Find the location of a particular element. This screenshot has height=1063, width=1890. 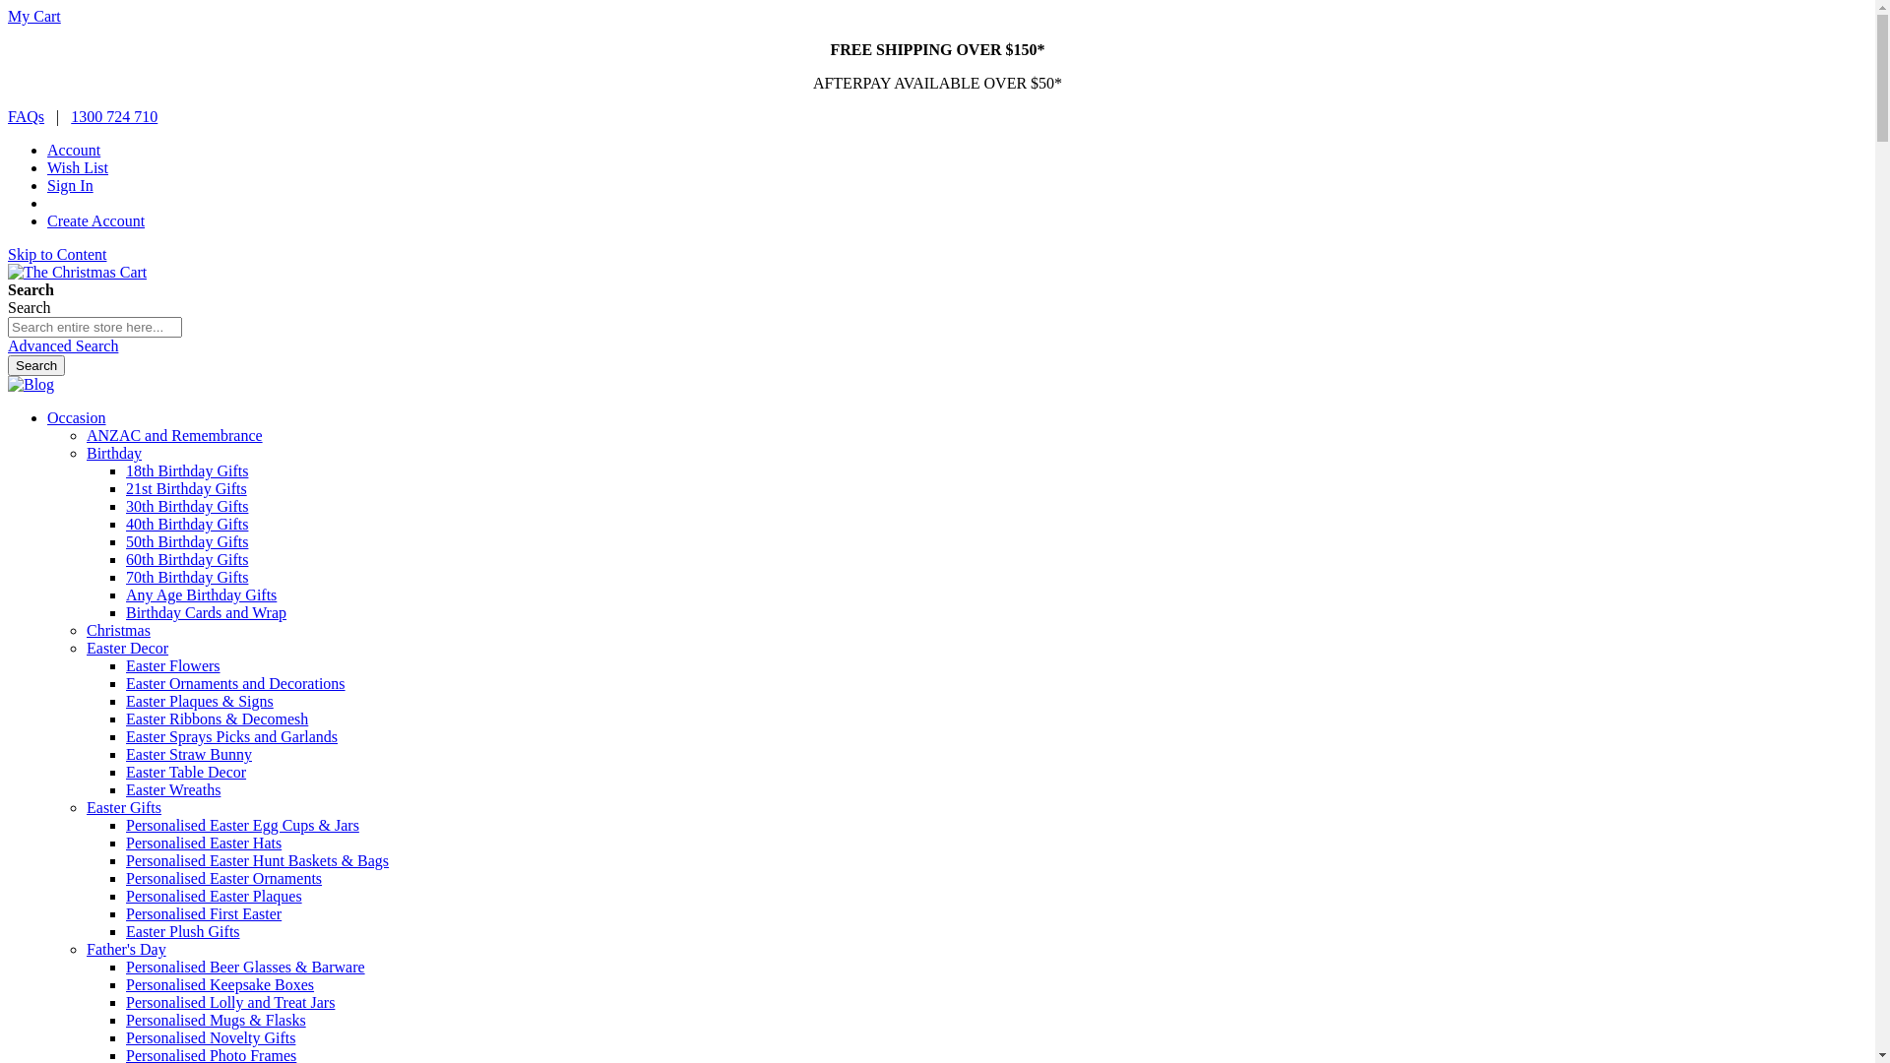

'Easter Wreaths' is located at coordinates (173, 788).